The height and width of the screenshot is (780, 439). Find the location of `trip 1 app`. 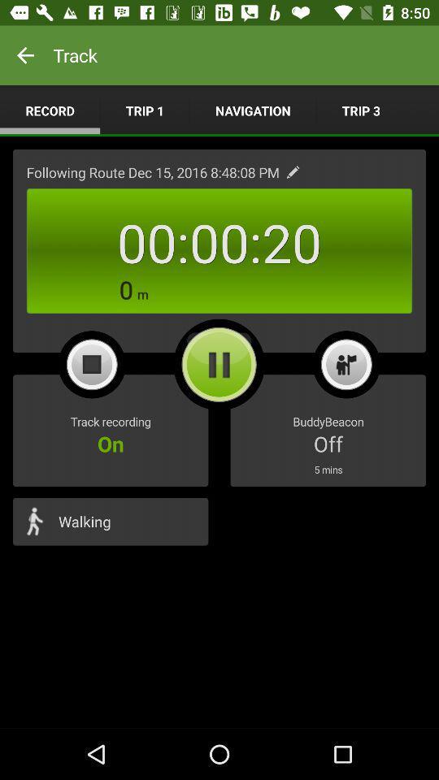

trip 1 app is located at coordinates (145, 110).